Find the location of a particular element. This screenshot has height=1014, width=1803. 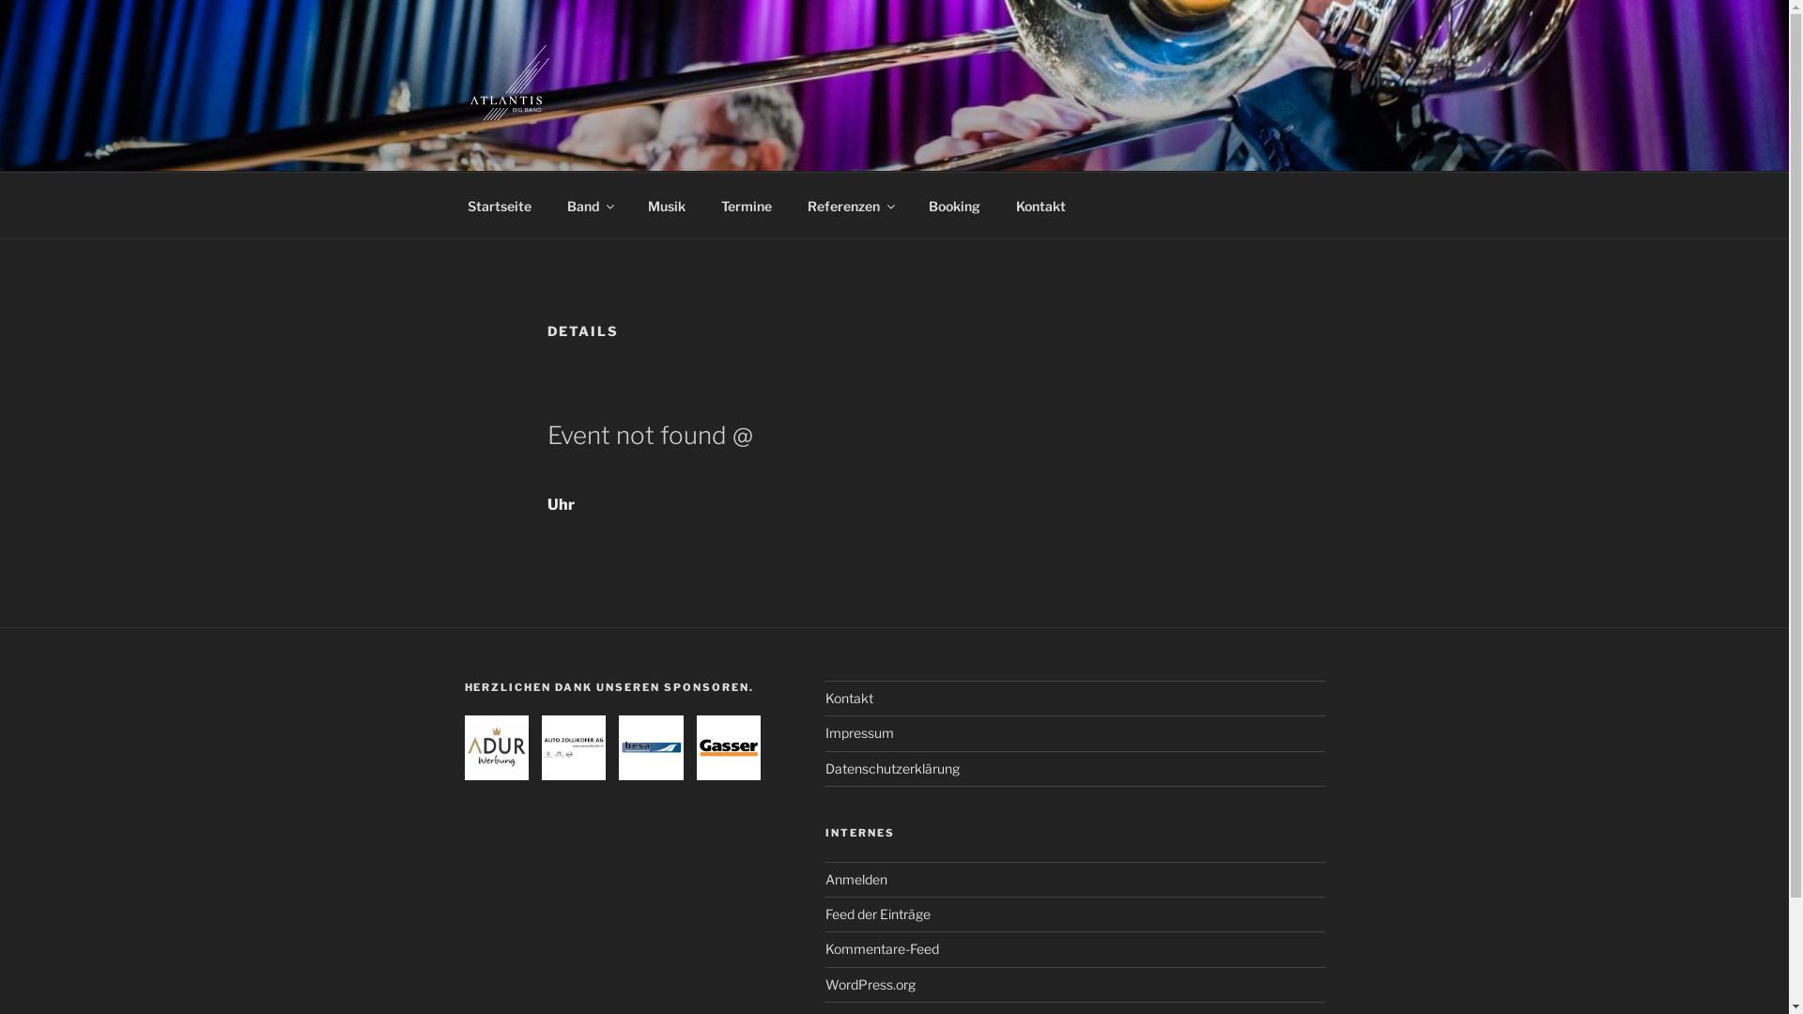

'Termine' is located at coordinates (745, 205).